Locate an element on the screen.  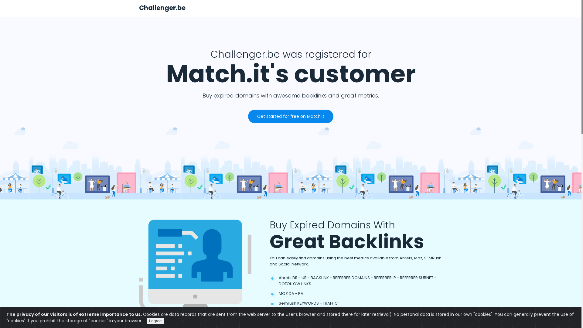
'Get started for free on Match.it' is located at coordinates (290, 116).